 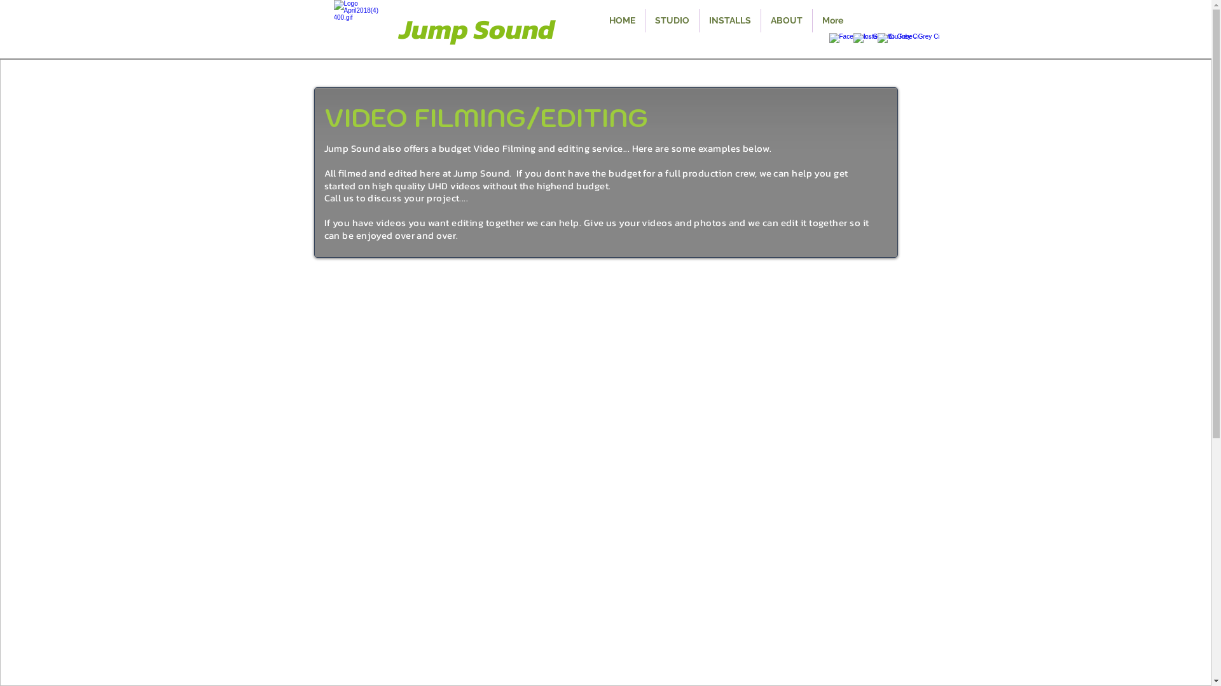 I want to click on 'ABOUT', so click(x=761, y=20).